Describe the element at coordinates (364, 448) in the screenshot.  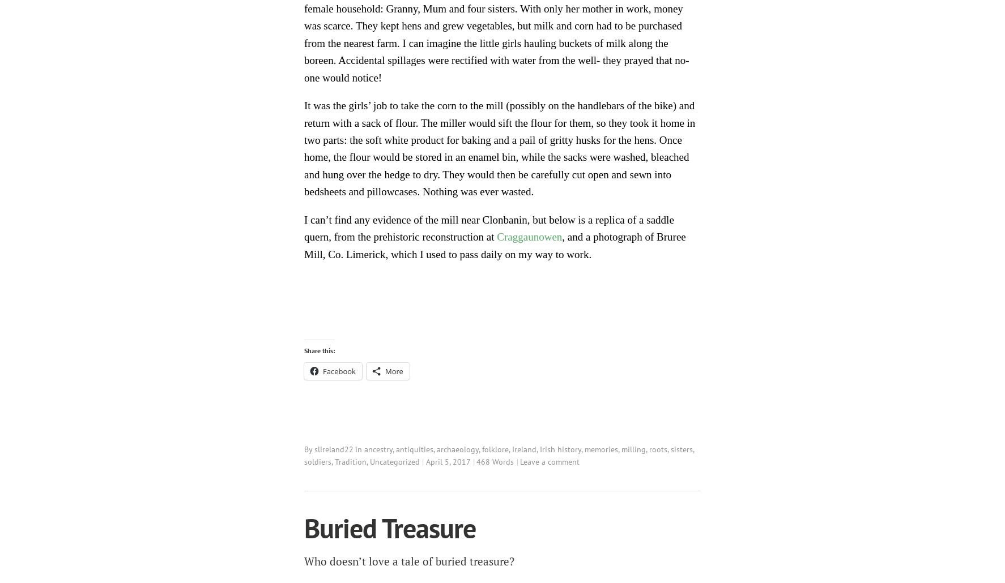
I see `'ancestry'` at that location.